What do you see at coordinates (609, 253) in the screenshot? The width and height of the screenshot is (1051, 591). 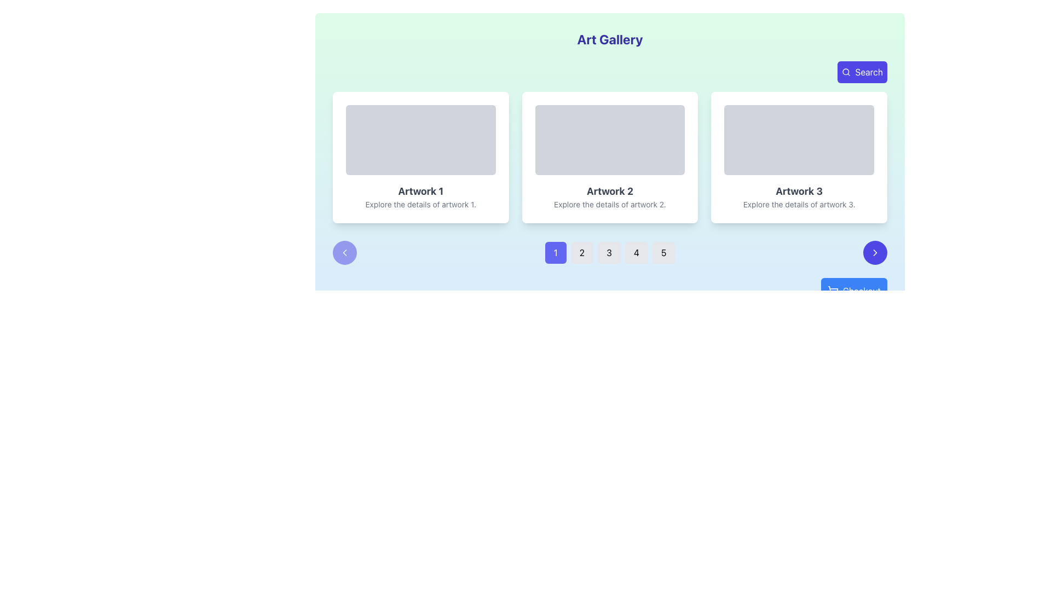 I see `the third button displaying the number '3' for keyboard navigation interaction` at bounding box center [609, 253].